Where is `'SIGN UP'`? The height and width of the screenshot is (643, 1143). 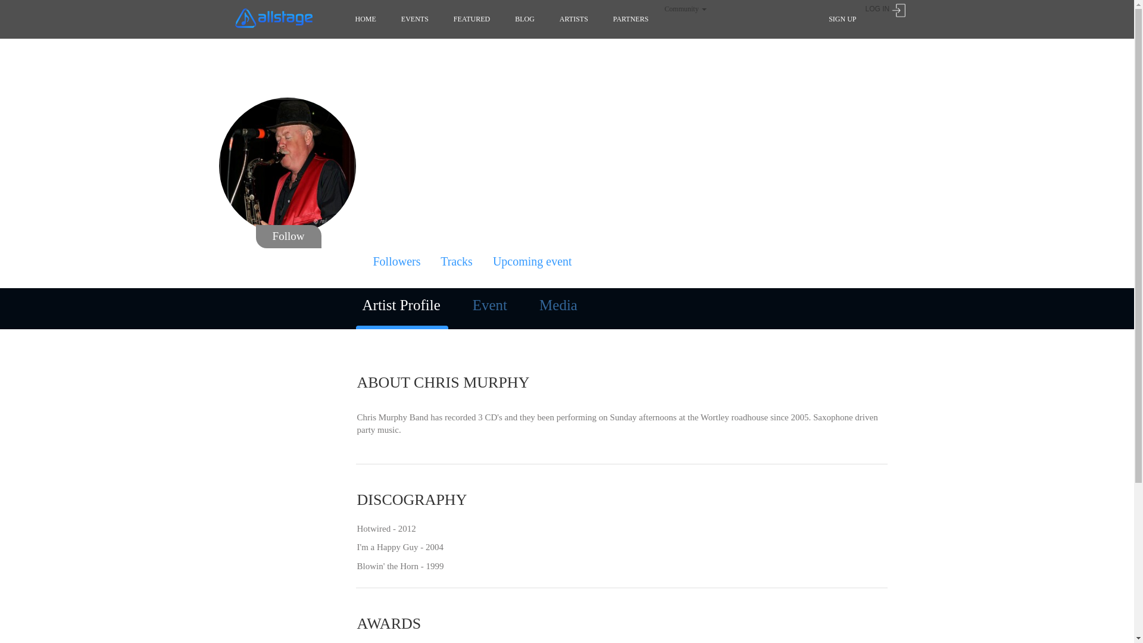
'SIGN UP' is located at coordinates (842, 18).